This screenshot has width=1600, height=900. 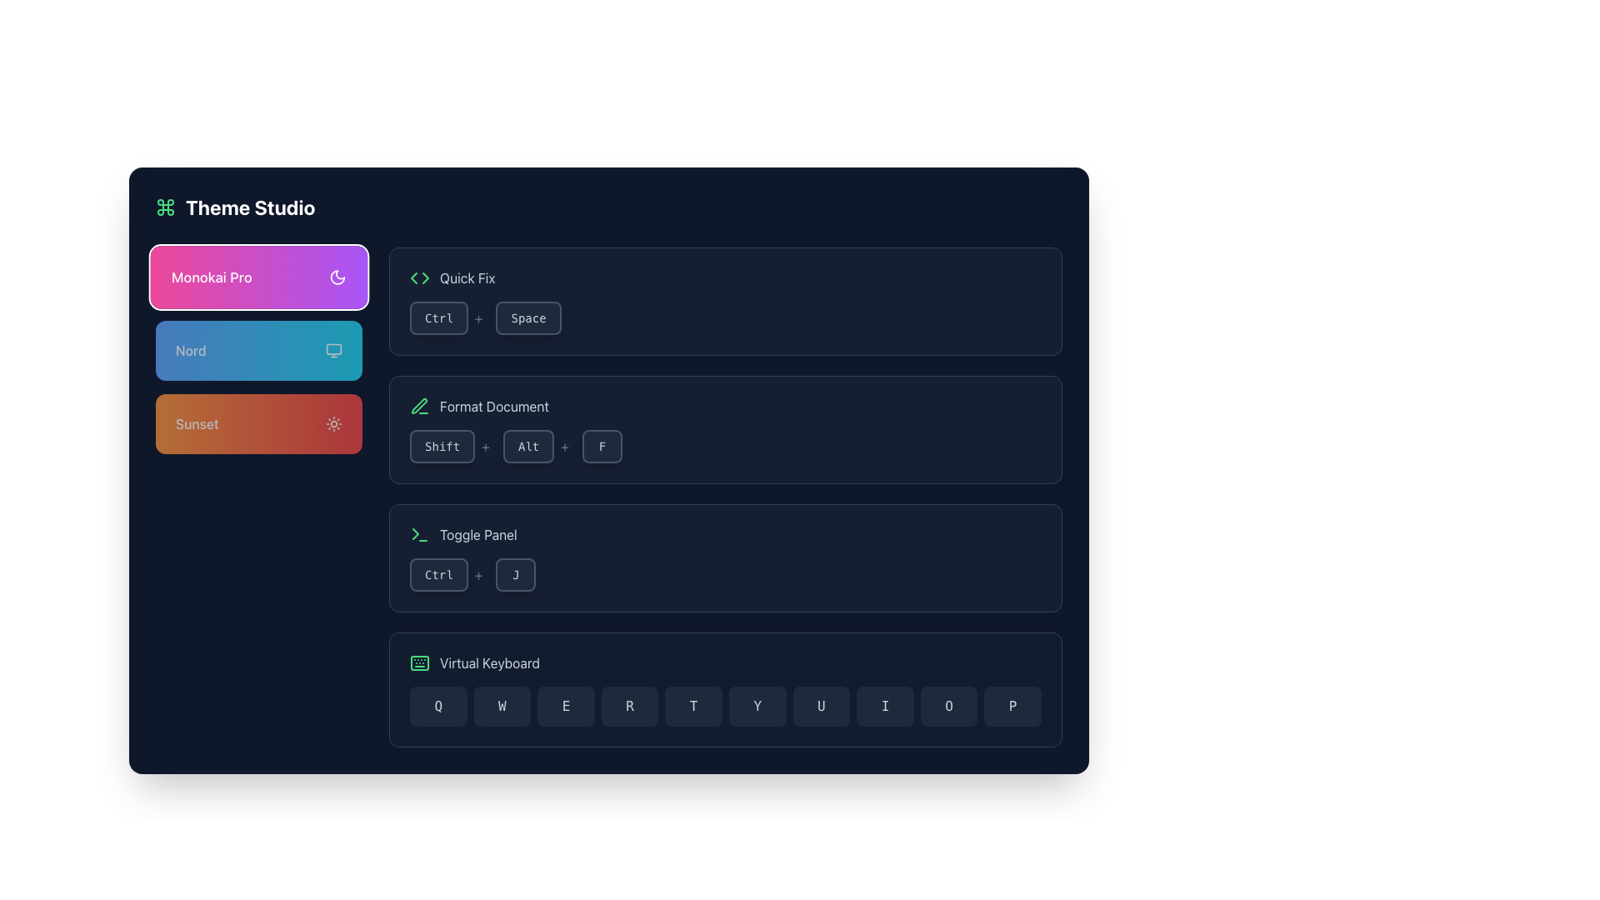 What do you see at coordinates (425, 277) in the screenshot?
I see `the right-pointing chevron icon located in the 'Quick Fix' section next to the text label` at bounding box center [425, 277].